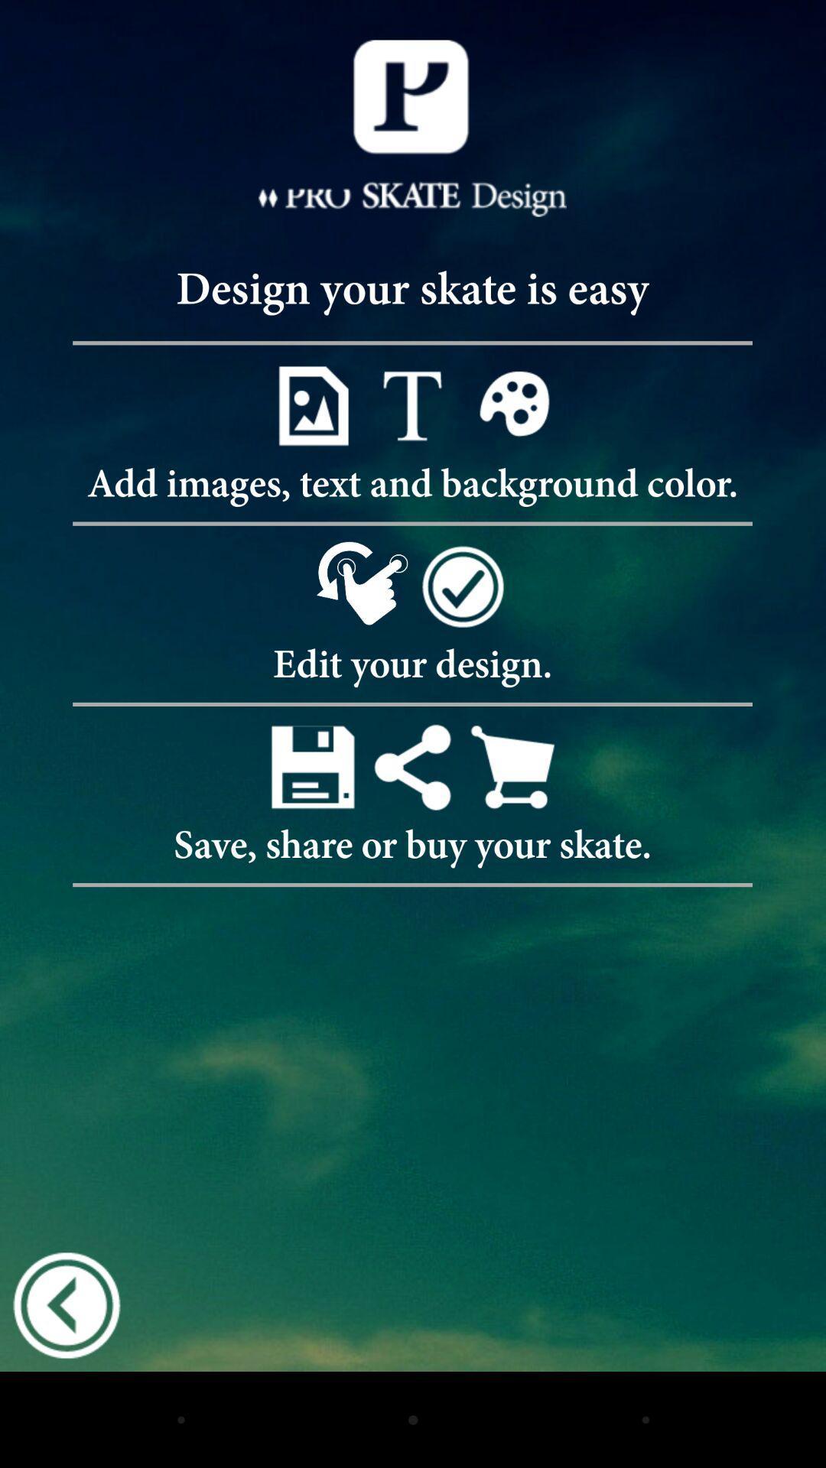 Image resolution: width=826 pixels, height=1468 pixels. I want to click on share your skate, so click(411, 767).